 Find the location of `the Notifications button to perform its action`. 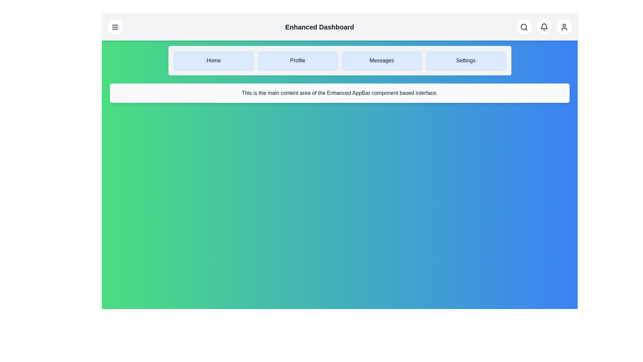

the Notifications button to perform its action is located at coordinates (544, 27).